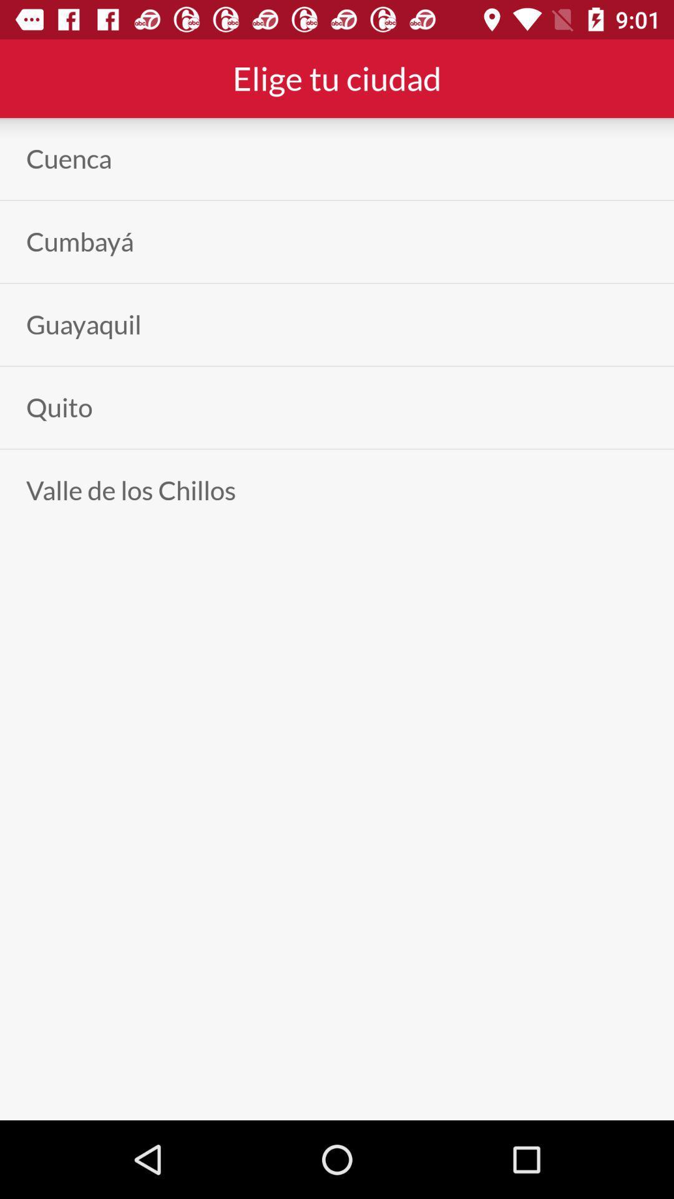 This screenshot has width=674, height=1199. Describe the element at coordinates (69, 158) in the screenshot. I see `the cuenca item` at that location.